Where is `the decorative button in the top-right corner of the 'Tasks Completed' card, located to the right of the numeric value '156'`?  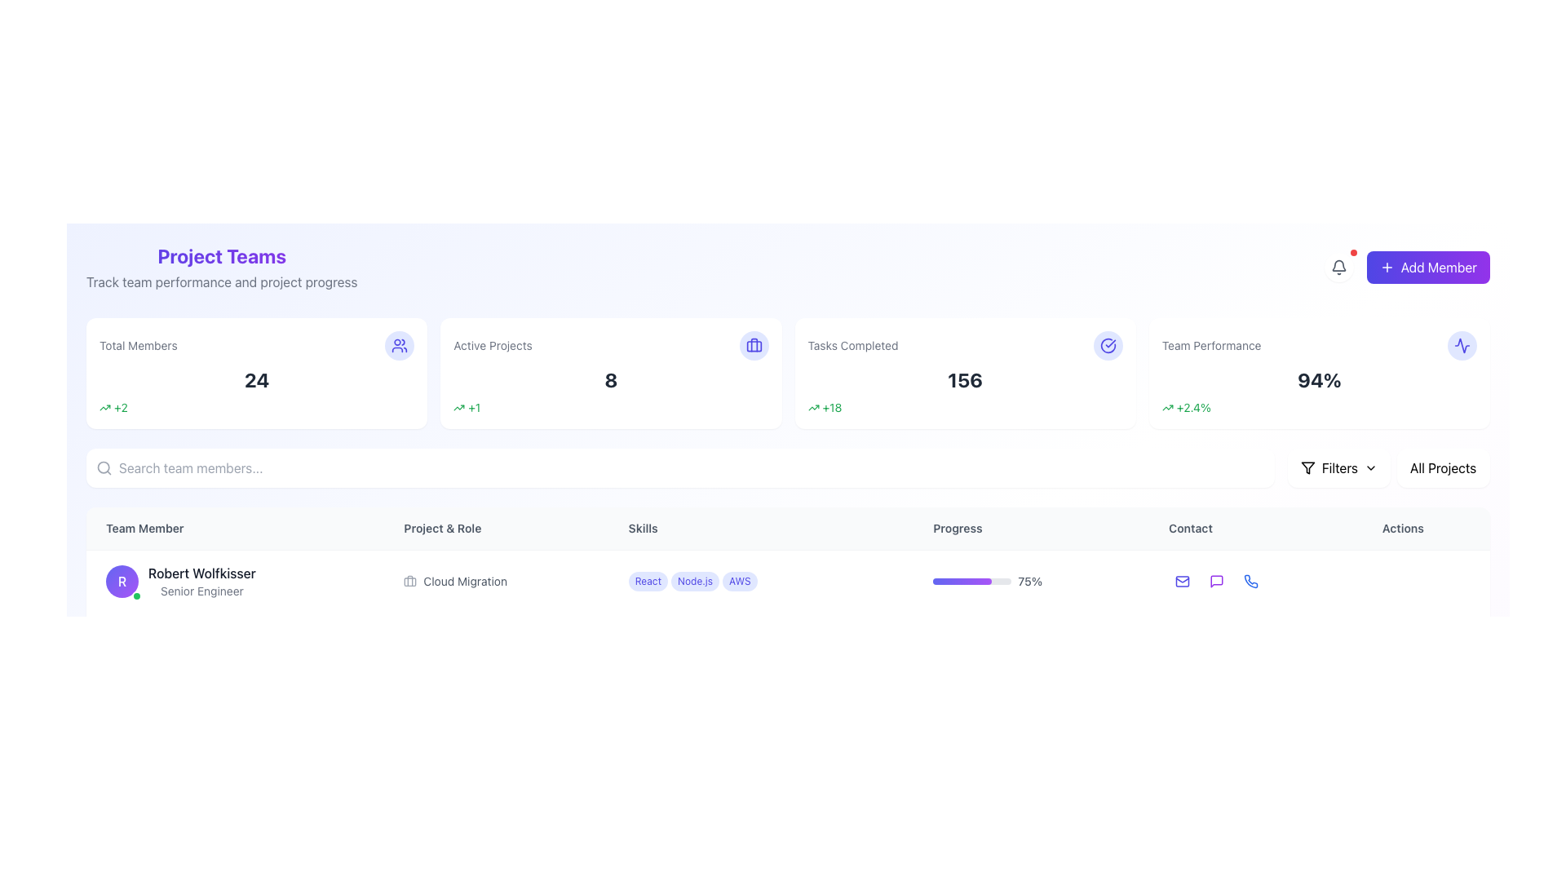 the decorative button in the top-right corner of the 'Tasks Completed' card, located to the right of the numeric value '156' is located at coordinates (1108, 345).